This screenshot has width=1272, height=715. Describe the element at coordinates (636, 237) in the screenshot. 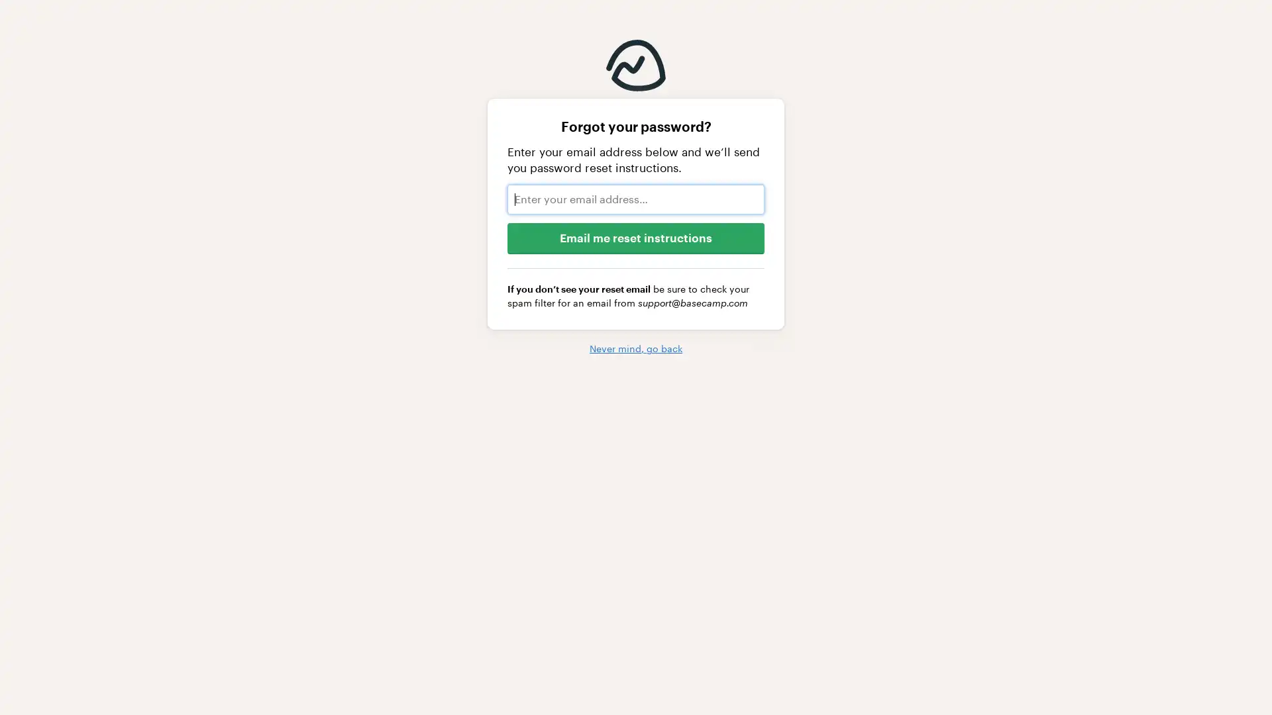

I see `Email me reset instructions` at that location.